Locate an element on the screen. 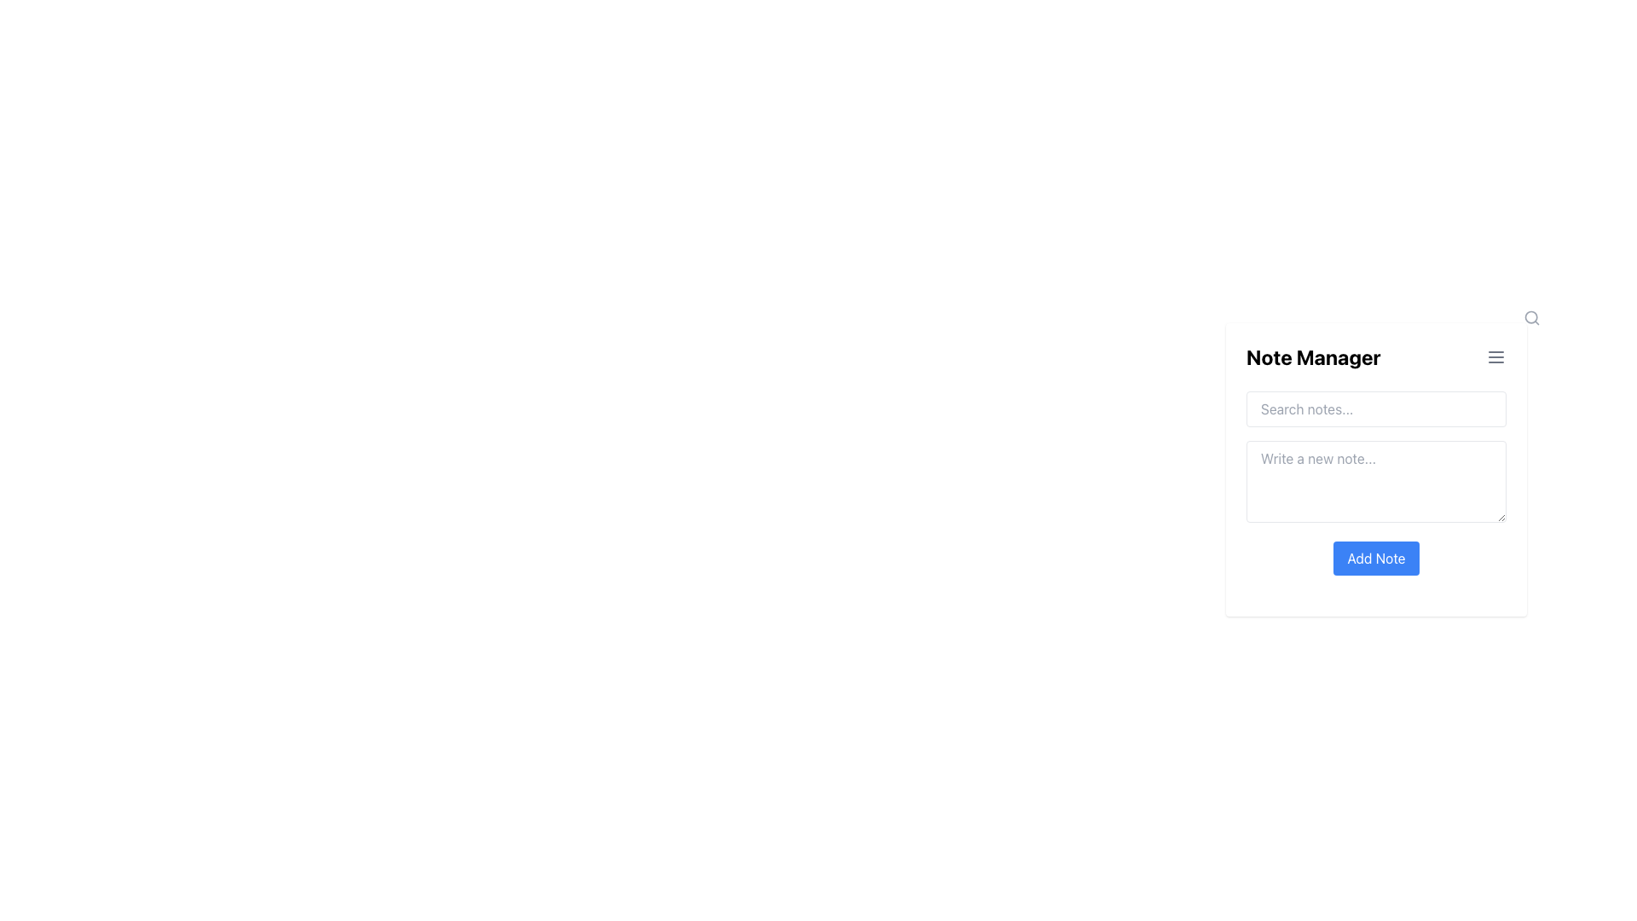  the menu button located at the top-right corner of the 'Note Manager' section is located at coordinates (1495, 356).